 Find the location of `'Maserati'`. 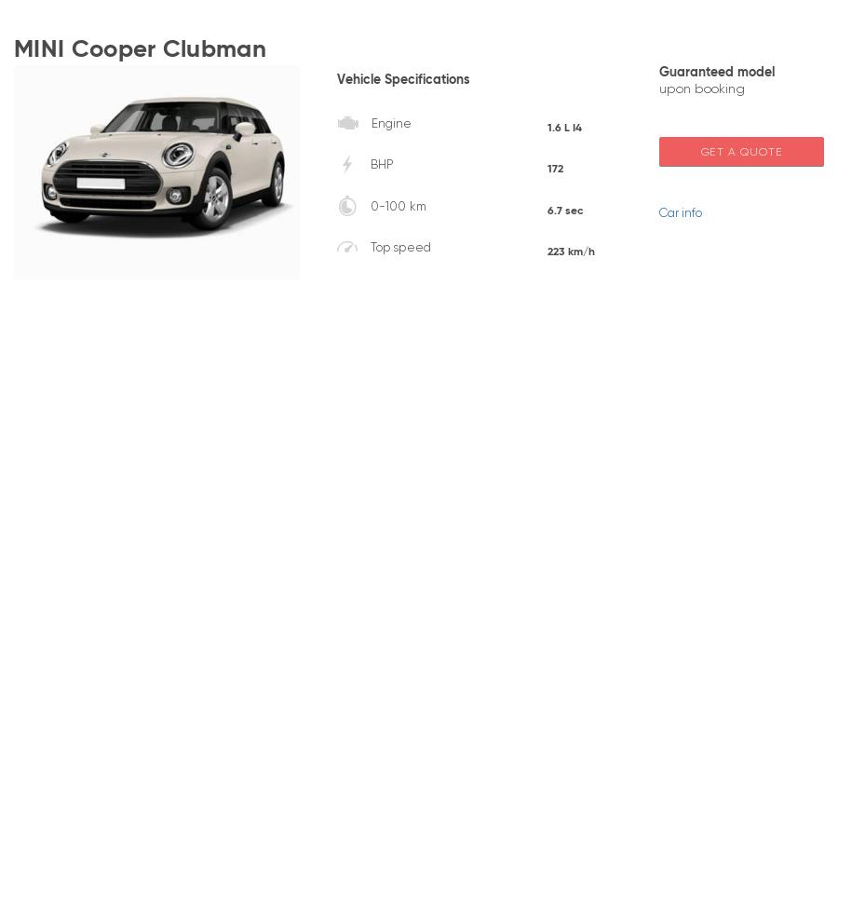

'Maserati' is located at coordinates (607, 507).